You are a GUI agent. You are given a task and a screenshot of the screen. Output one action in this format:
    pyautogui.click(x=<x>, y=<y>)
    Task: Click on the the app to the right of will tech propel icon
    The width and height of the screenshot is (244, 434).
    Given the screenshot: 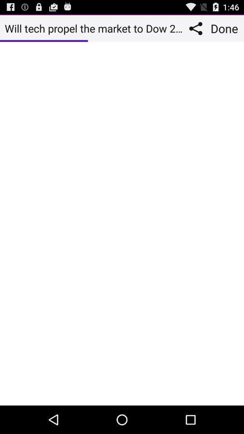 What is the action you would take?
    pyautogui.click(x=197, y=28)
    